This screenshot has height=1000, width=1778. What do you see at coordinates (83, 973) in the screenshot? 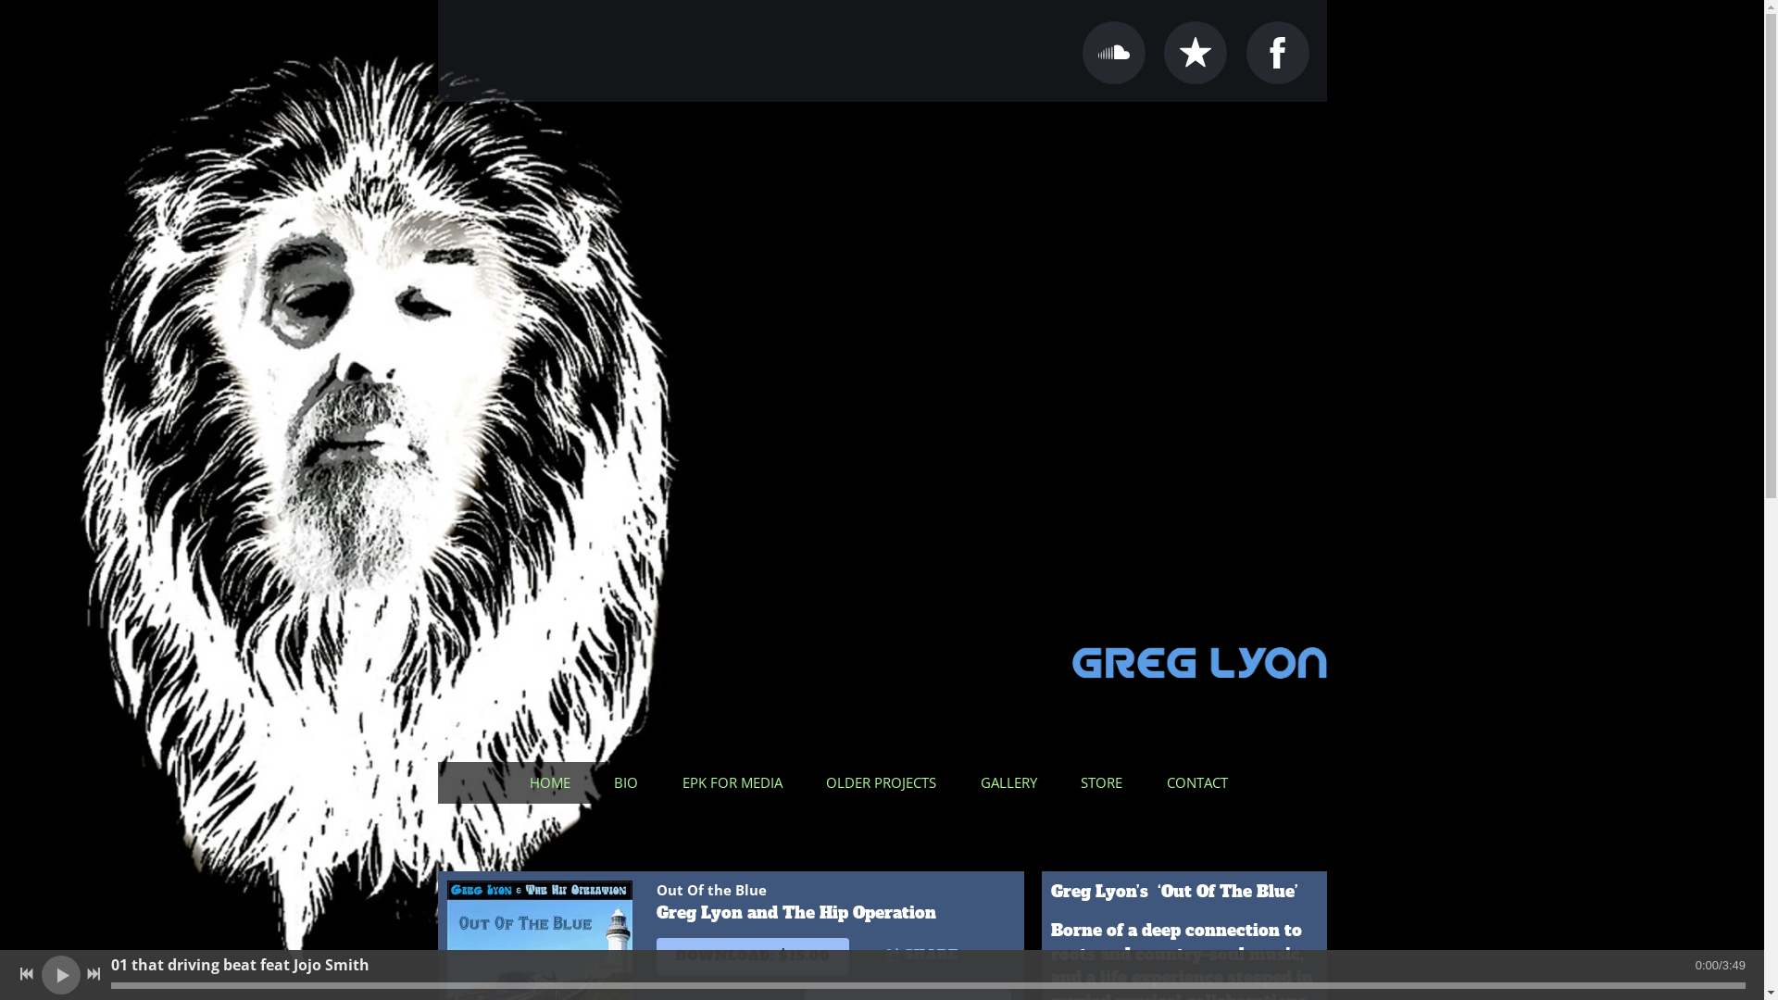
I see `'Next track'` at bounding box center [83, 973].